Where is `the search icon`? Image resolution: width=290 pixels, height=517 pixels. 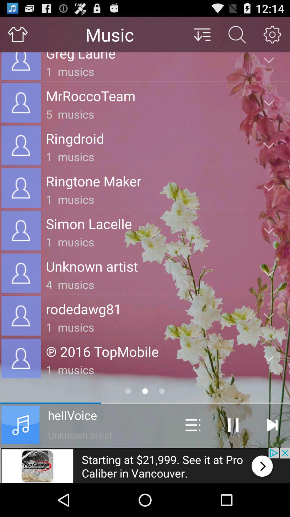 the search icon is located at coordinates (237, 37).